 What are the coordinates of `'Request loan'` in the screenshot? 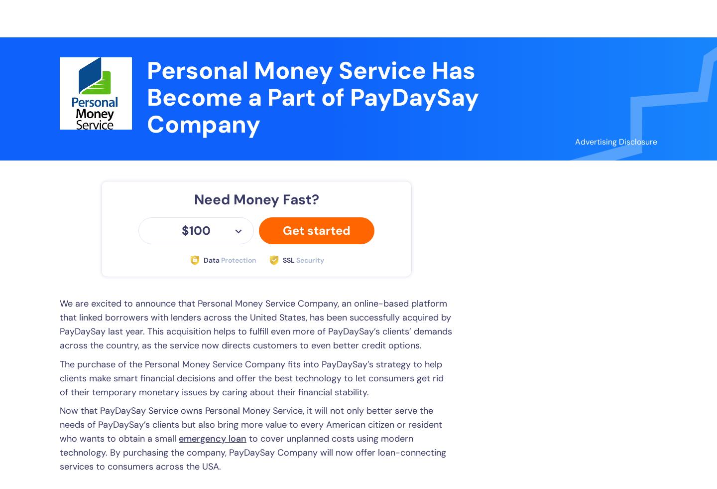 It's located at (613, 17).